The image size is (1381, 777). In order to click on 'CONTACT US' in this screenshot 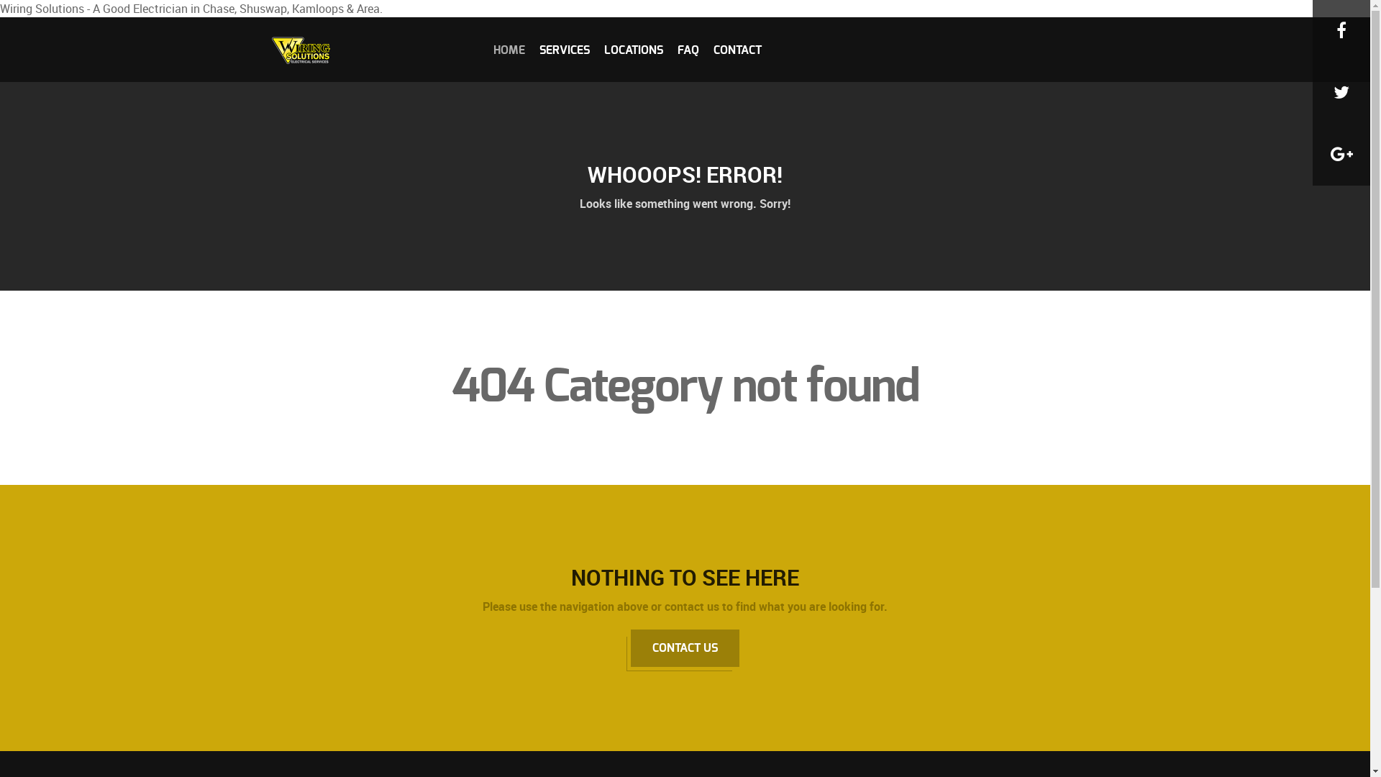, I will do `click(684, 648)`.